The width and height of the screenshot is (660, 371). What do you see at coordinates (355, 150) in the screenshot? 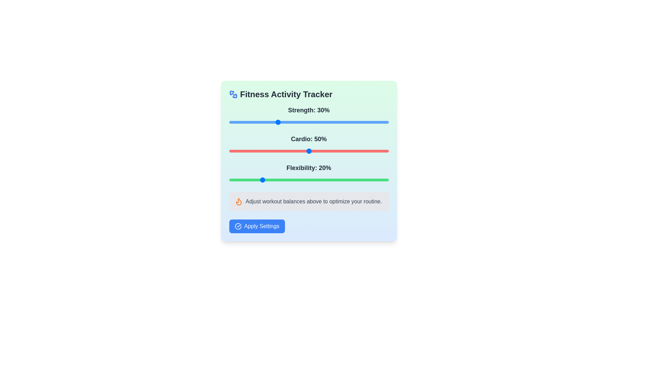
I see `the Cardio slider` at bounding box center [355, 150].